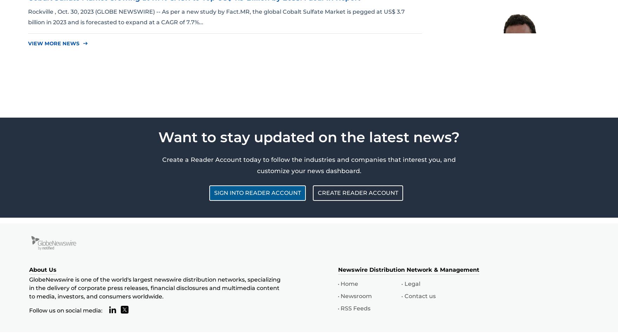  What do you see at coordinates (358, 193) in the screenshot?
I see `'CREATE READER ACCOUNT'` at bounding box center [358, 193].